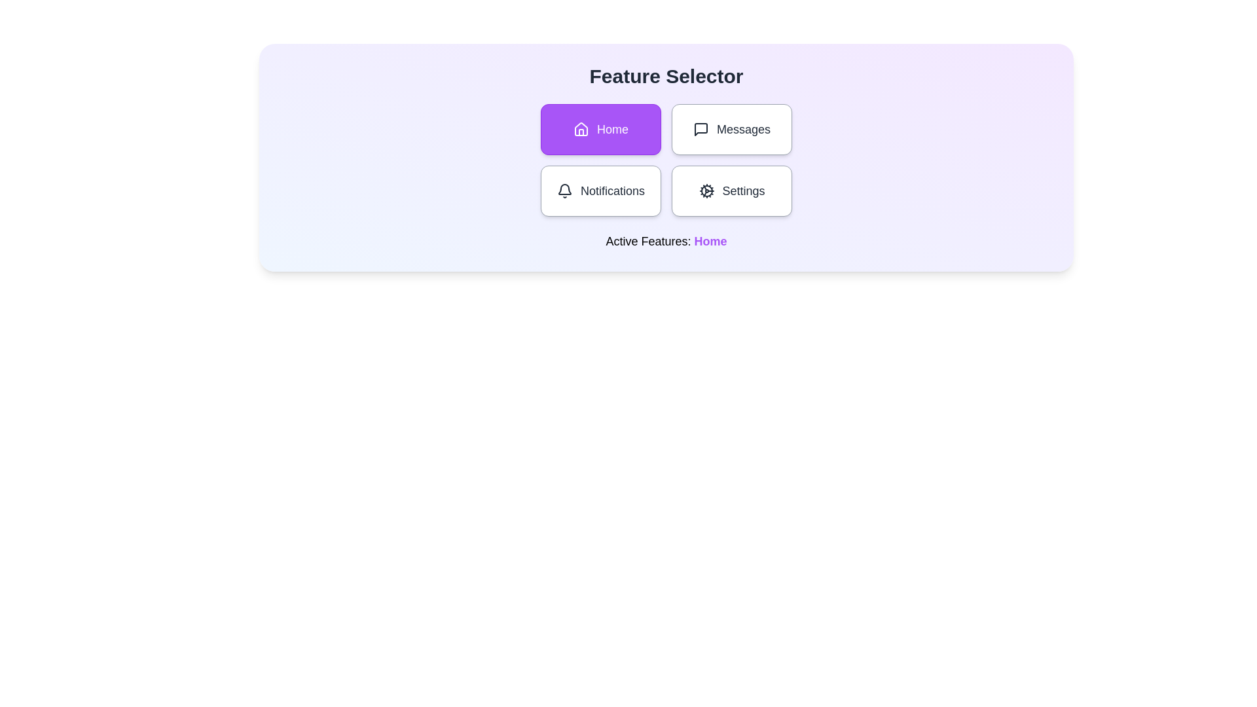 Image resolution: width=1257 pixels, height=707 pixels. Describe the element at coordinates (600, 191) in the screenshot. I see `the Notifications button, which is a rectangular button with a white background, gray text, and a bell icon on the left side, located in the lower-left quadrant of the Feature Selector grid` at that location.